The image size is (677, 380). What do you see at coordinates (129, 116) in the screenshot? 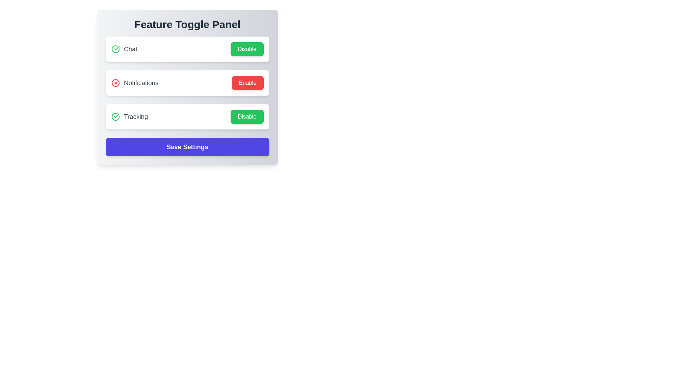
I see `the feature name tracking by double-clicking on it` at bounding box center [129, 116].